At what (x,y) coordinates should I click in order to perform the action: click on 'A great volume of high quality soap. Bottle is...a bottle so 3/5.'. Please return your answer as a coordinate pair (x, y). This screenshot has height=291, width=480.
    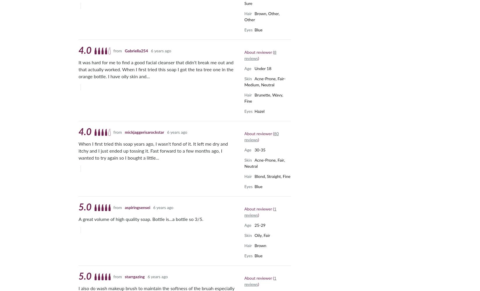
    Looking at the image, I should click on (141, 219).